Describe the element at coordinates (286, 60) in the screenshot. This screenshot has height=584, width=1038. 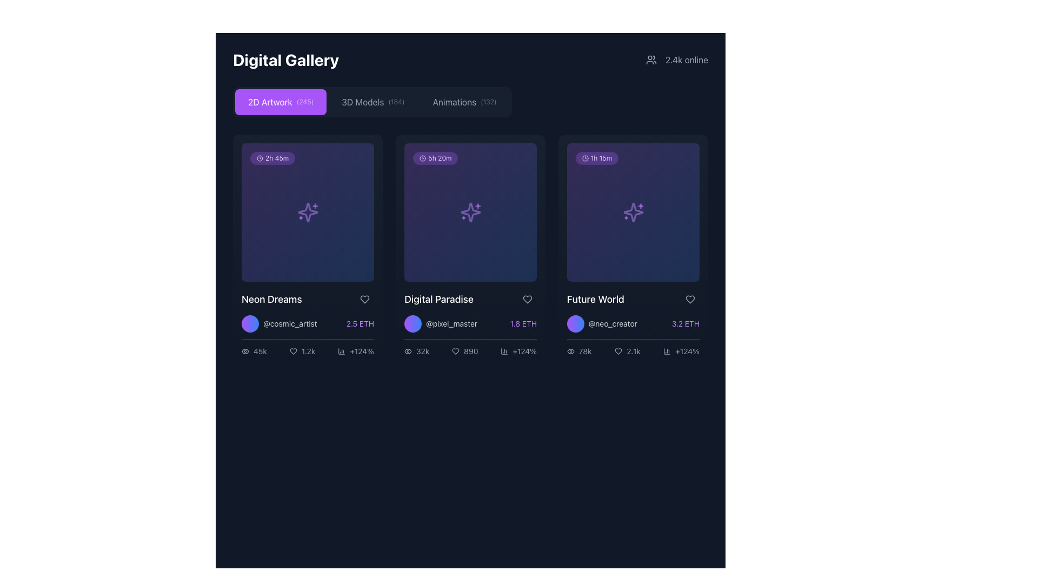
I see `bold header text labeled 'Digital Gallery' displayed at the top-left corner of the user interface` at that location.